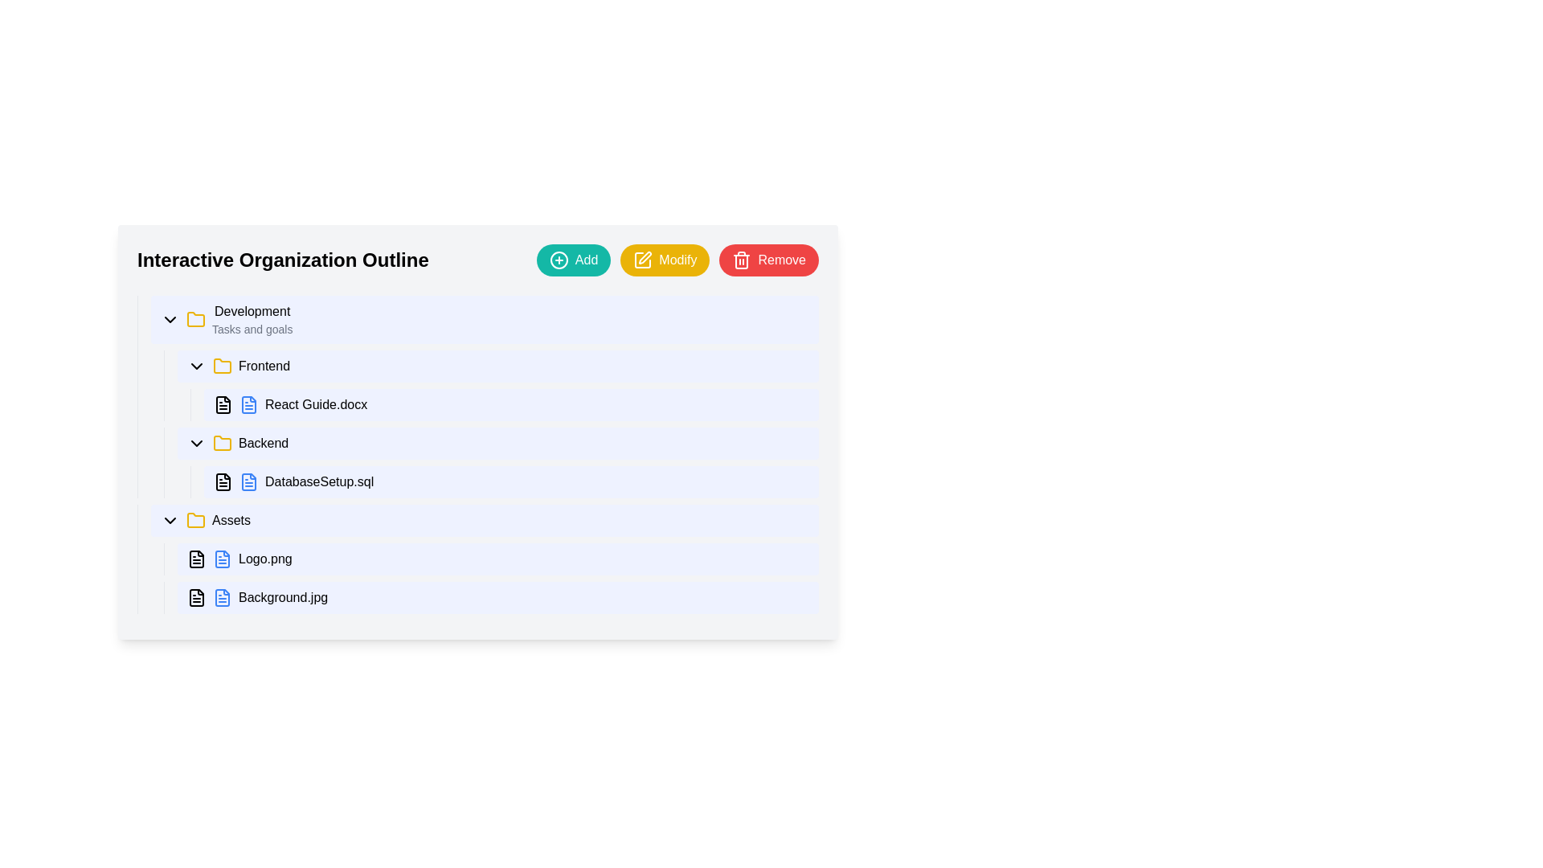  What do you see at coordinates (497, 598) in the screenshot?
I see `the List item representing the file entry 'Background.jpg'` at bounding box center [497, 598].